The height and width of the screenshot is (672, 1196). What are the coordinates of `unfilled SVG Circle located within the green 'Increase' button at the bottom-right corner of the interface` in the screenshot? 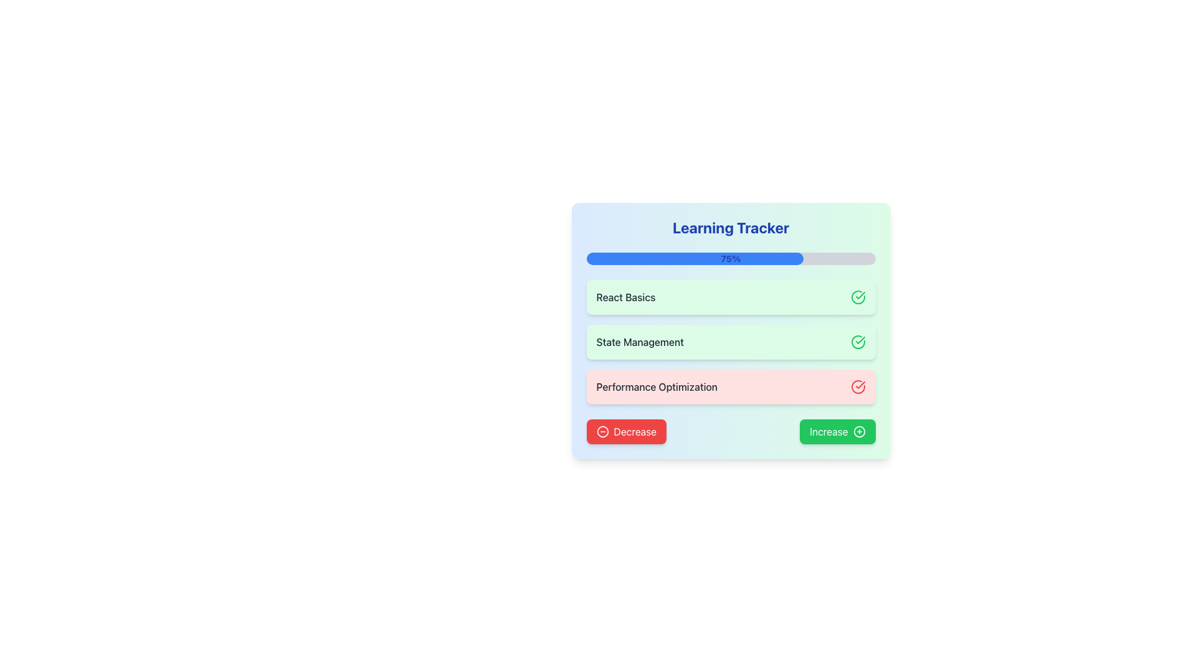 It's located at (858, 431).